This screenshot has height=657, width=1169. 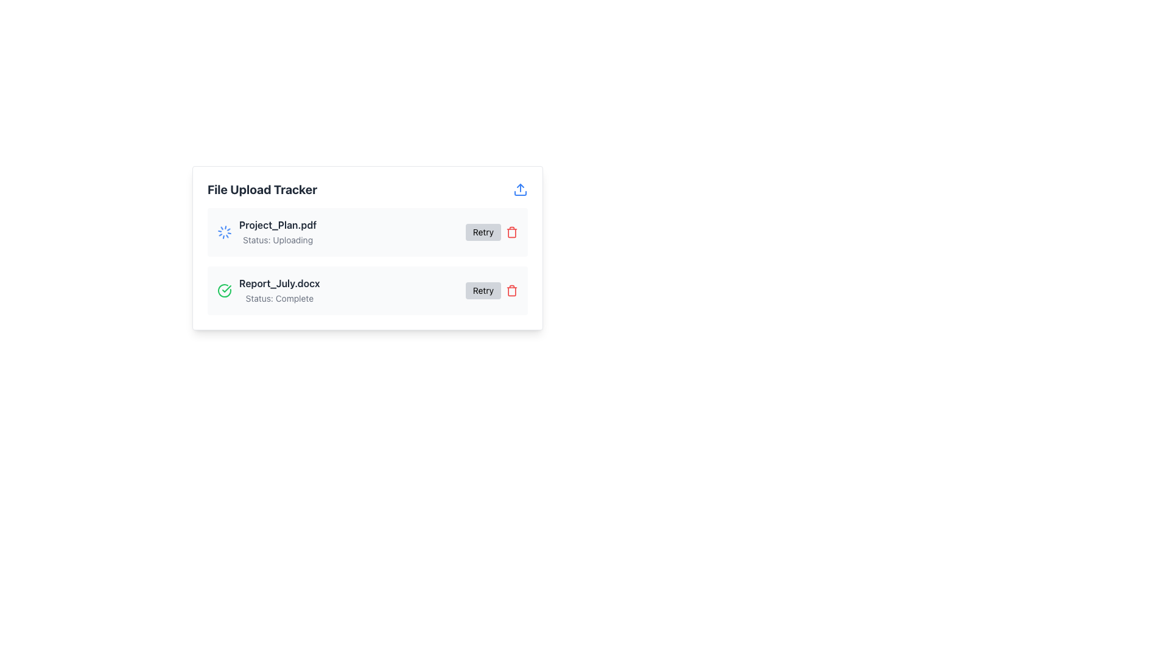 What do you see at coordinates (266, 232) in the screenshot?
I see `the file item labeled 'Project_Plan.pdf' with status 'Status: Uploading' for accessibility navigation` at bounding box center [266, 232].